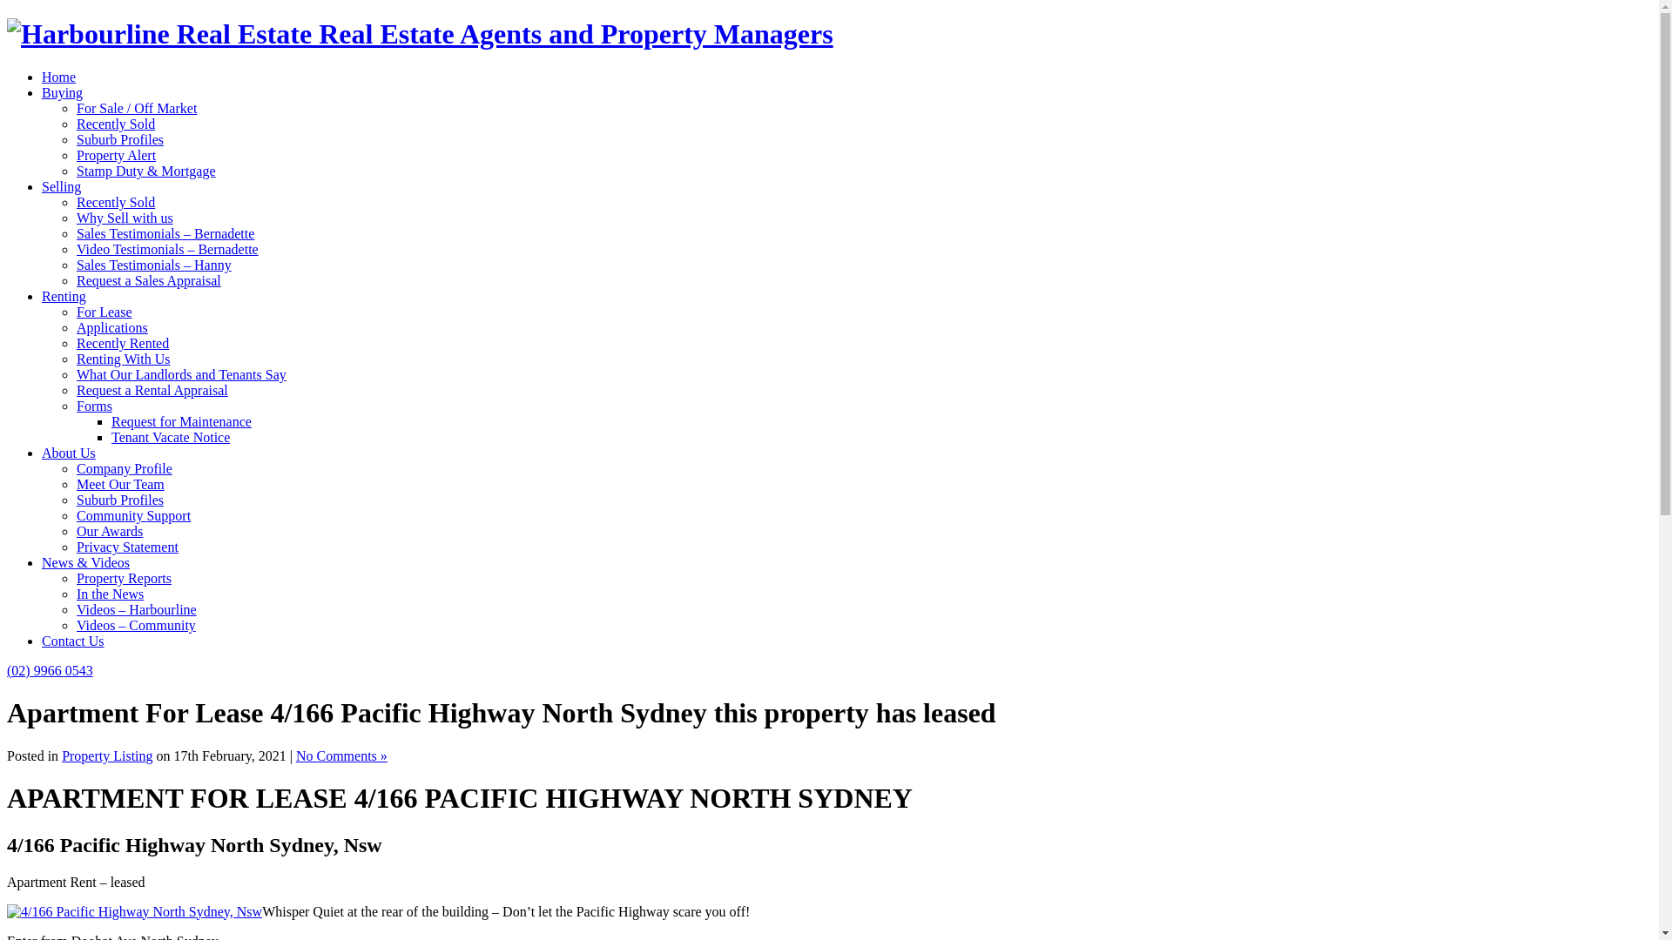 This screenshot has width=1672, height=940. What do you see at coordinates (119, 138) in the screenshot?
I see `'Suburb Profiles'` at bounding box center [119, 138].